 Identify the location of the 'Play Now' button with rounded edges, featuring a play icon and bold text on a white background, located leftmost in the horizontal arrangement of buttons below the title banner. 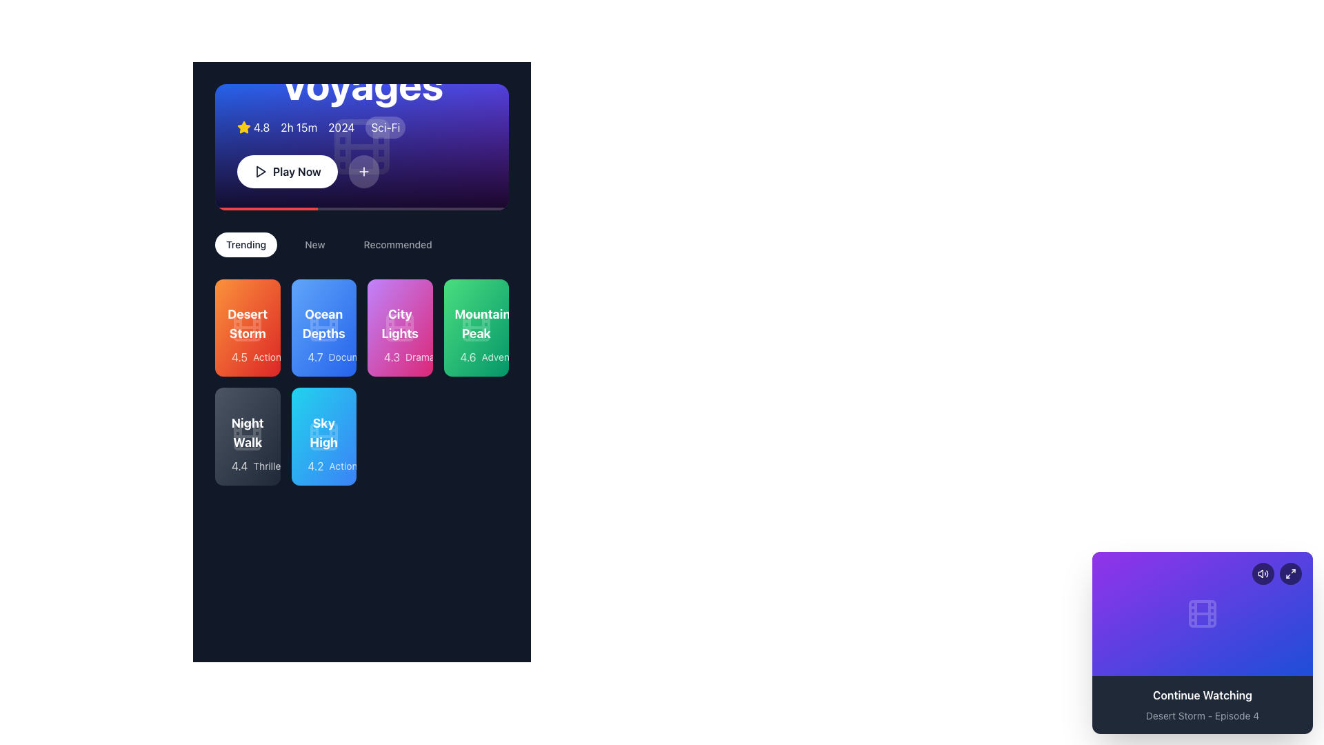
(286, 170).